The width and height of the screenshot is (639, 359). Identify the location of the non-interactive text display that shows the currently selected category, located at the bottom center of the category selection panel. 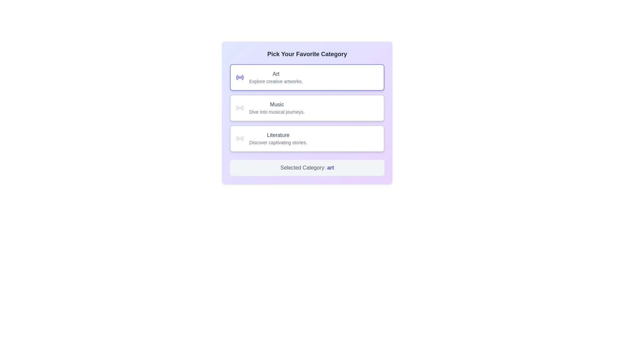
(307, 168).